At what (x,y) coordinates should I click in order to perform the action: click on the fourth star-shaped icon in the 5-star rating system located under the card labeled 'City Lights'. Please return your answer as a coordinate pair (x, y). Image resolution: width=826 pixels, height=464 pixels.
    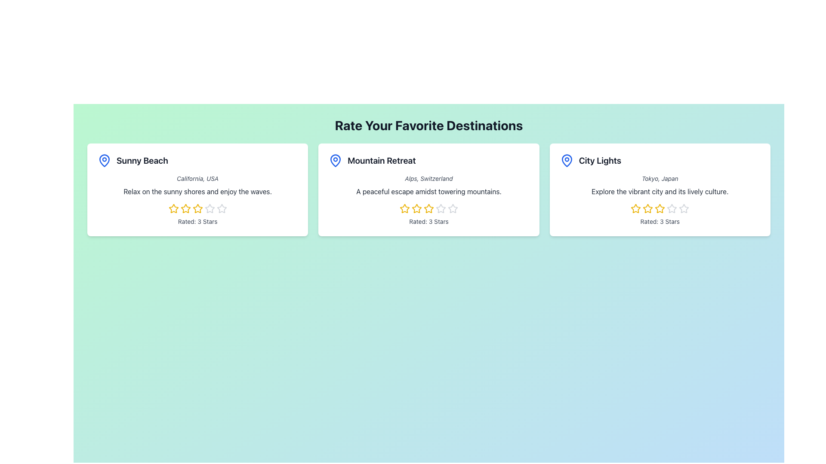
    Looking at the image, I should click on (672, 208).